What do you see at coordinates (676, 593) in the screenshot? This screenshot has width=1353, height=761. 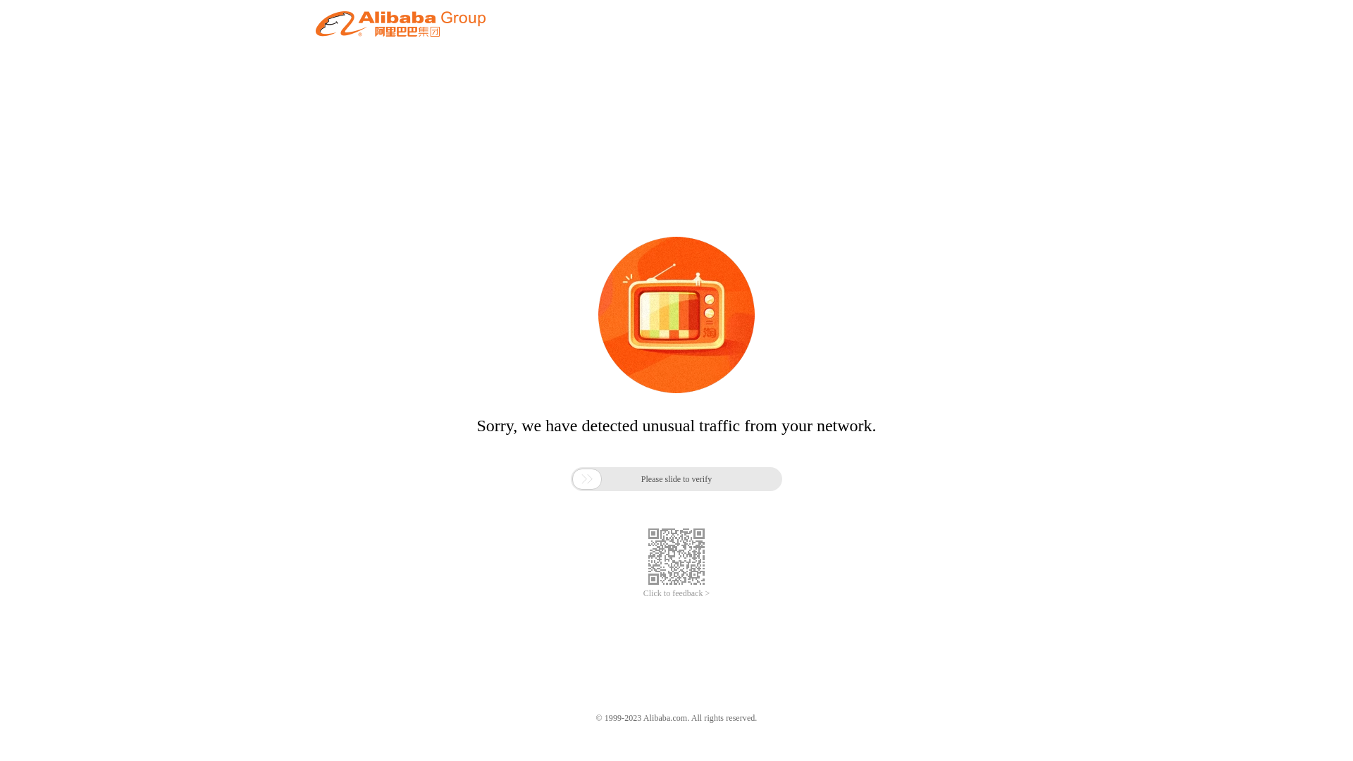 I see `'Click to feedback >'` at bounding box center [676, 593].